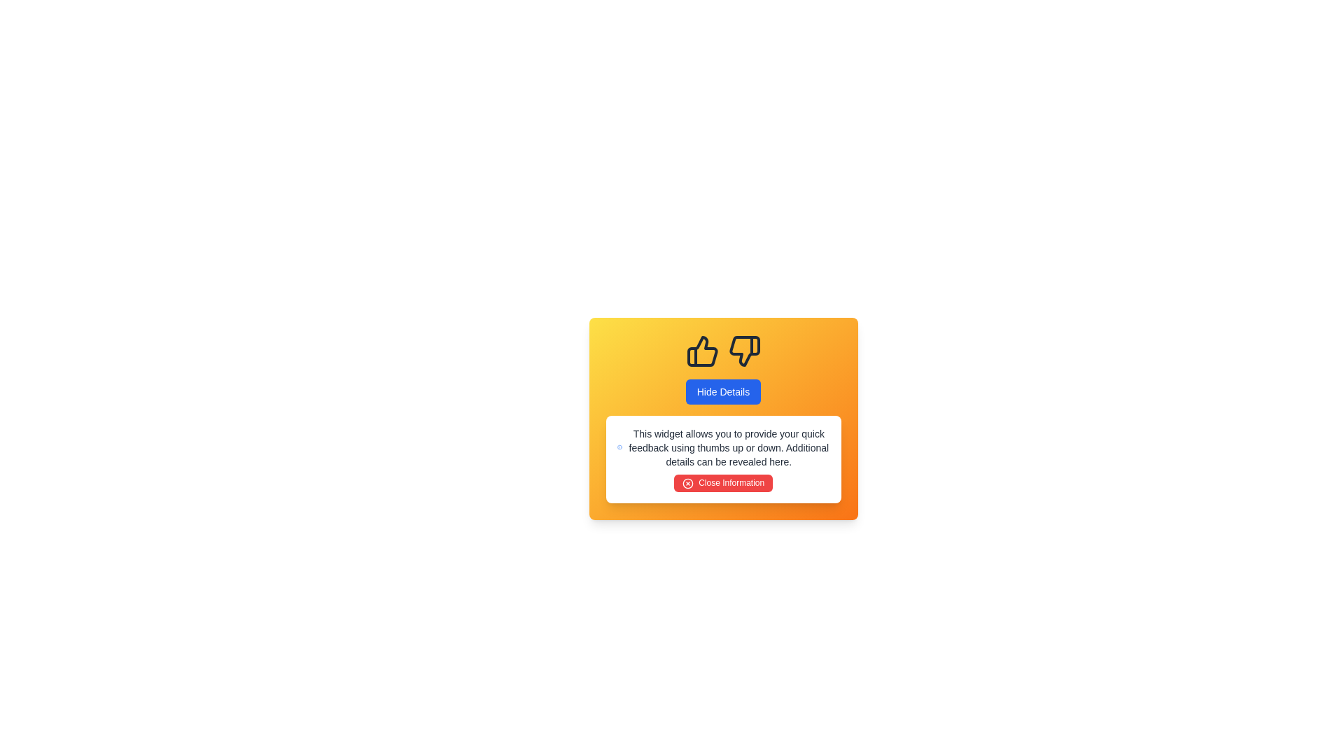  What do you see at coordinates (723, 482) in the screenshot?
I see `the red button labeled 'Close Information' with a white 'X' icon` at bounding box center [723, 482].